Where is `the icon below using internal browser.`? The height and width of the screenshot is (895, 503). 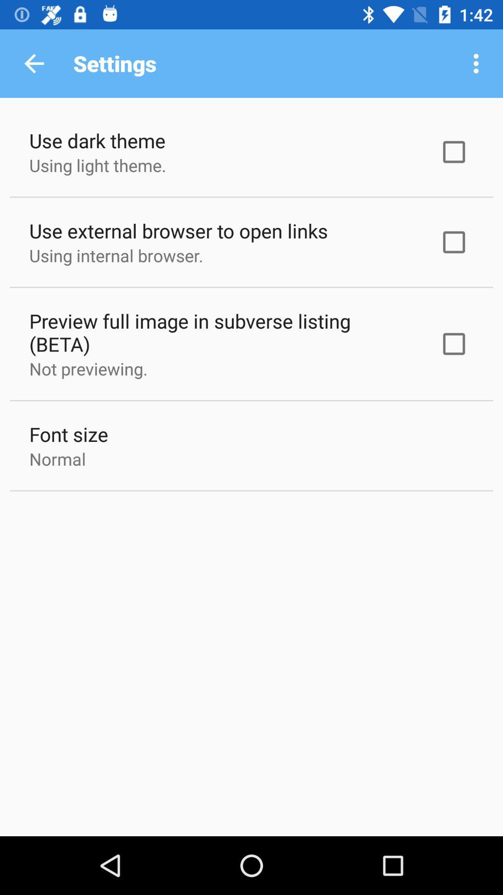
the icon below using internal browser. is located at coordinates (222, 332).